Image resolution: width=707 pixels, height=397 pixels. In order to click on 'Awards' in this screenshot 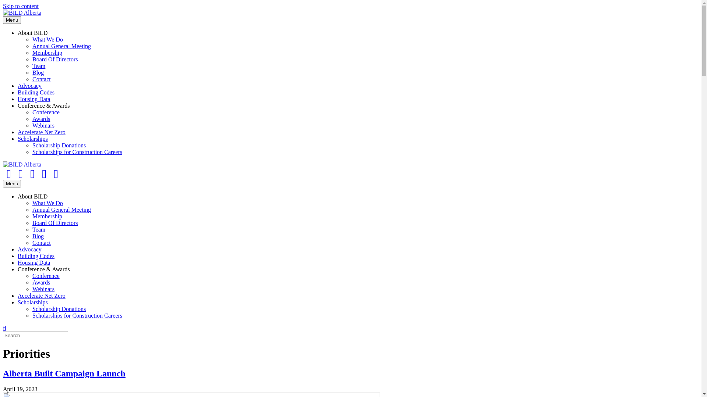, I will do `click(32, 282)`.